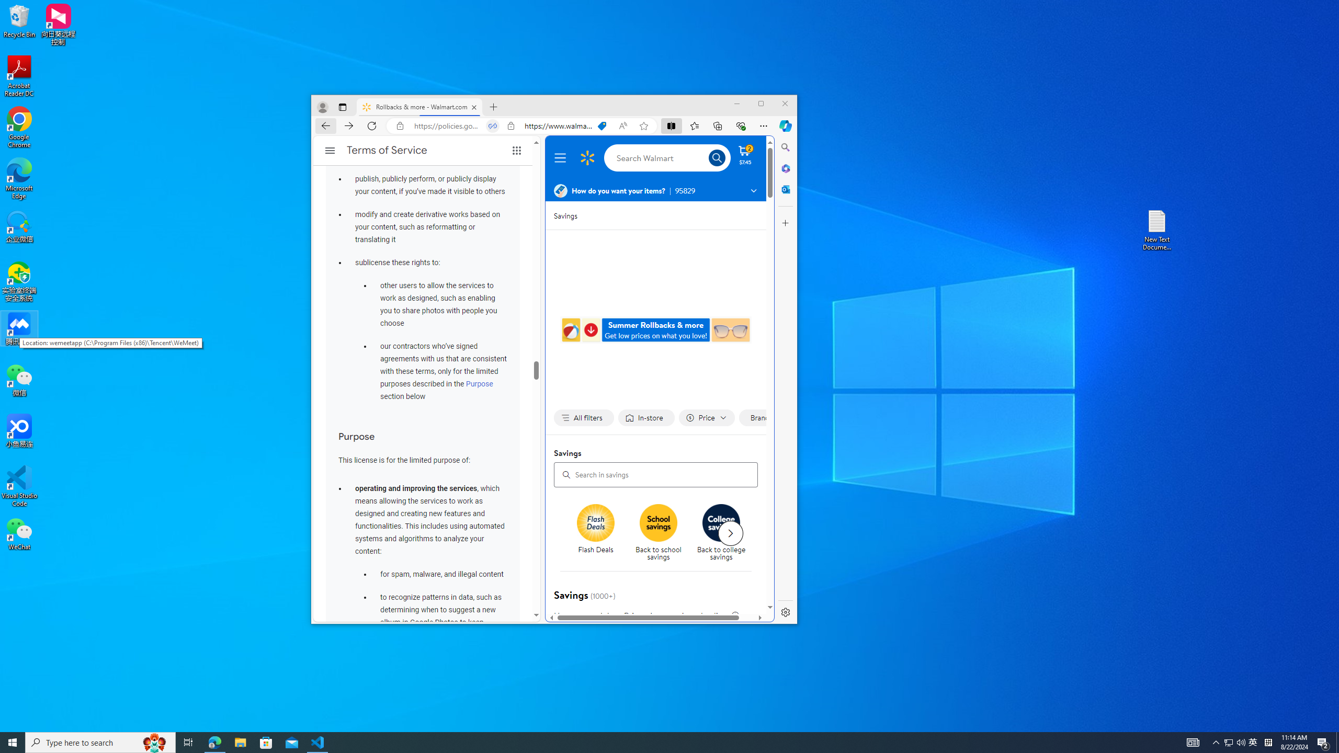 The width and height of the screenshot is (1339, 753). Describe the element at coordinates (19, 128) in the screenshot. I see `'Google Chrome'` at that location.